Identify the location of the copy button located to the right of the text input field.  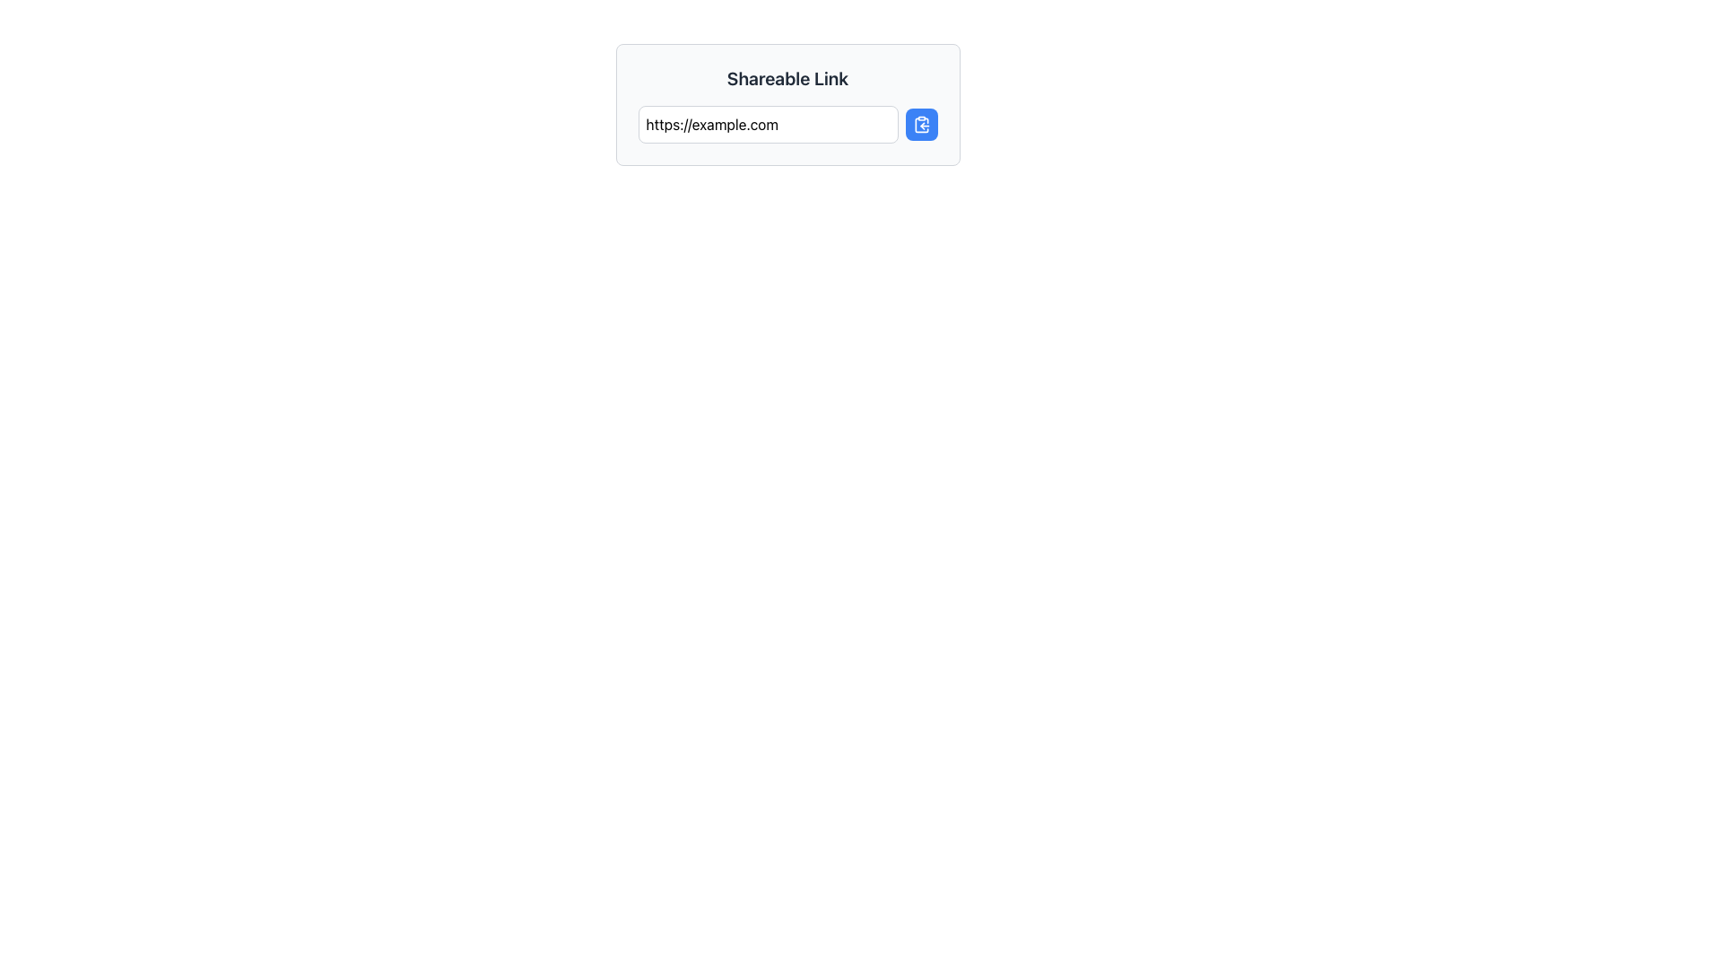
(921, 123).